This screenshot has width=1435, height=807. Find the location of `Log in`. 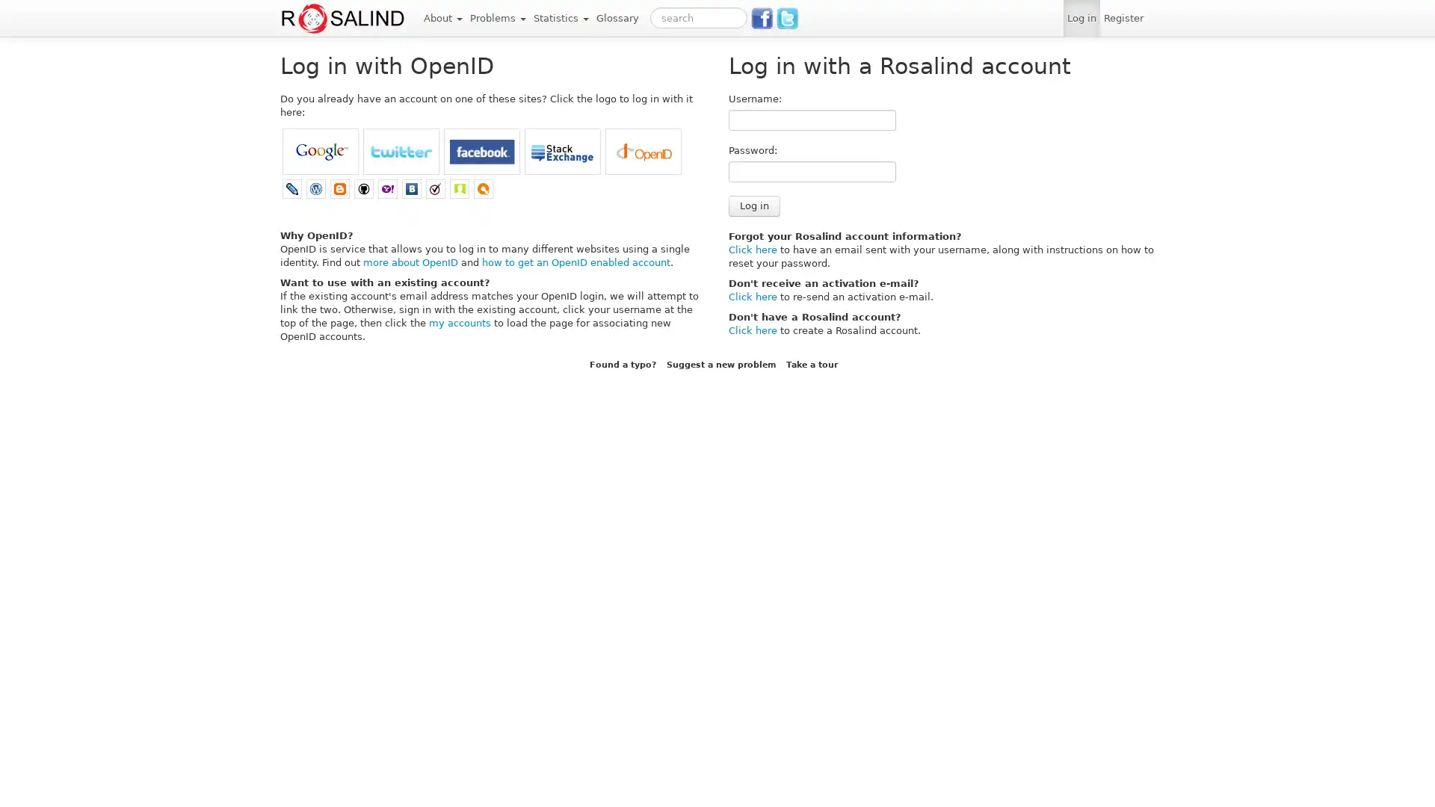

Log in is located at coordinates (754, 206).